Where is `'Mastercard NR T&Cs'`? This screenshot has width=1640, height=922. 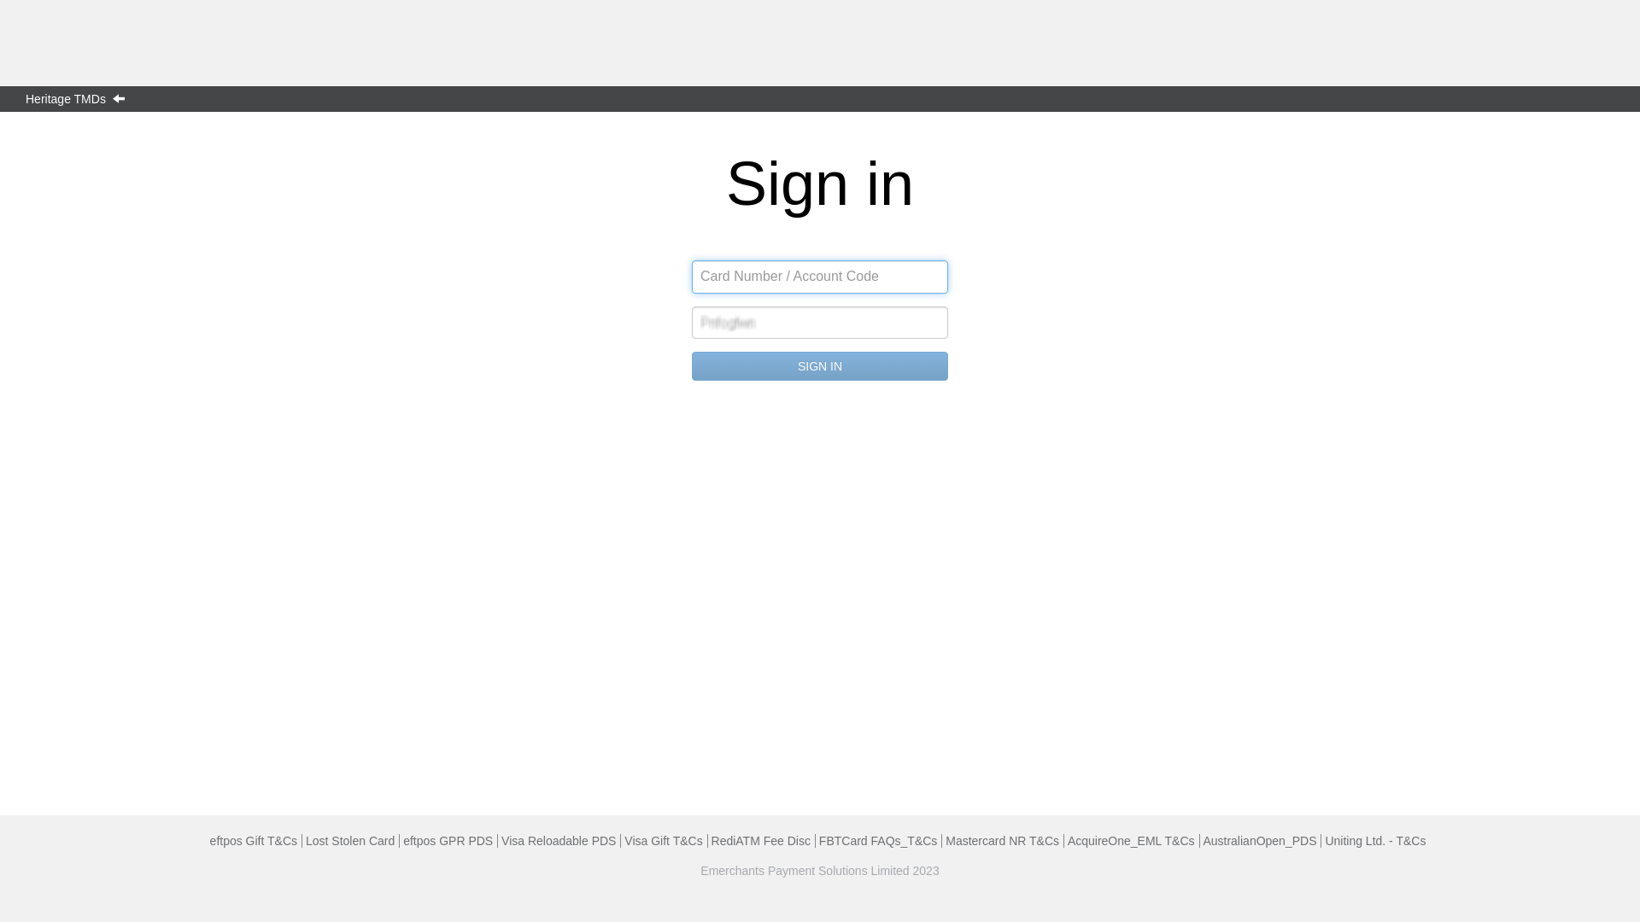 'Mastercard NR T&Cs' is located at coordinates (1002, 839).